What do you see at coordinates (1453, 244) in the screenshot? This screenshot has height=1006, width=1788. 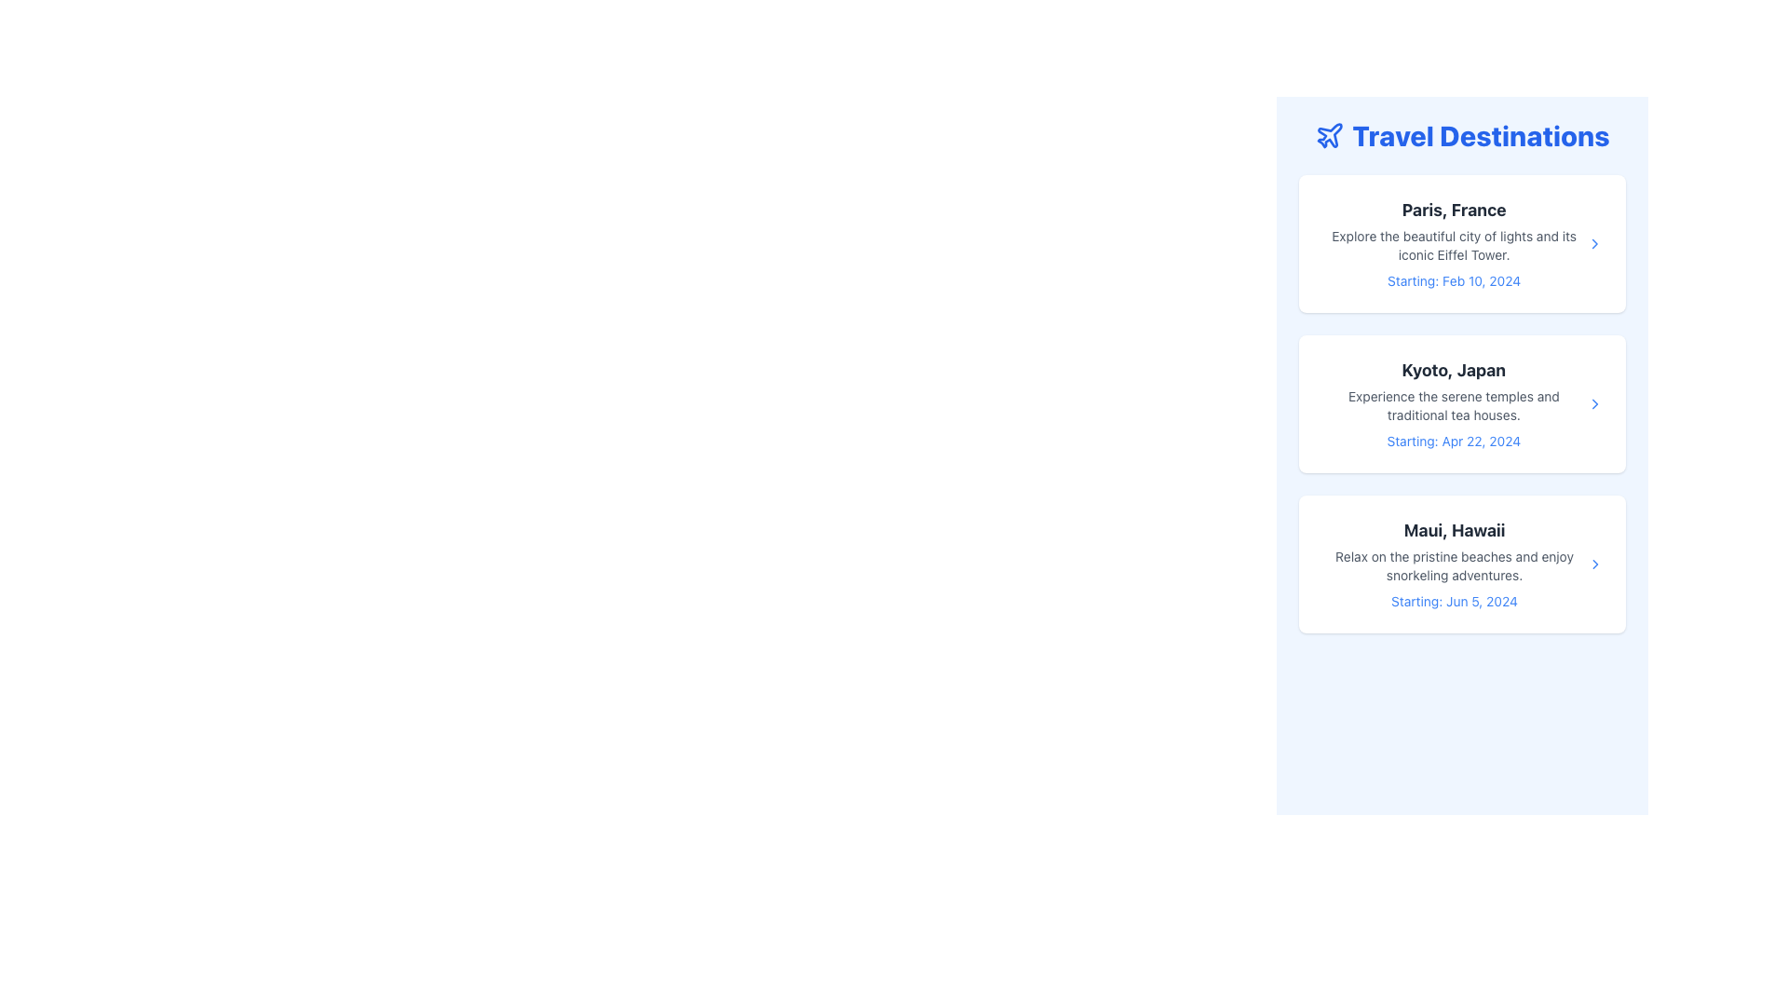 I see `the descriptive text element about the Paris, France travel destination, which is positioned between the heading 'Paris, France' and the subtext 'Starting: Feb 10, 2024' within the travel destination card` at bounding box center [1453, 244].